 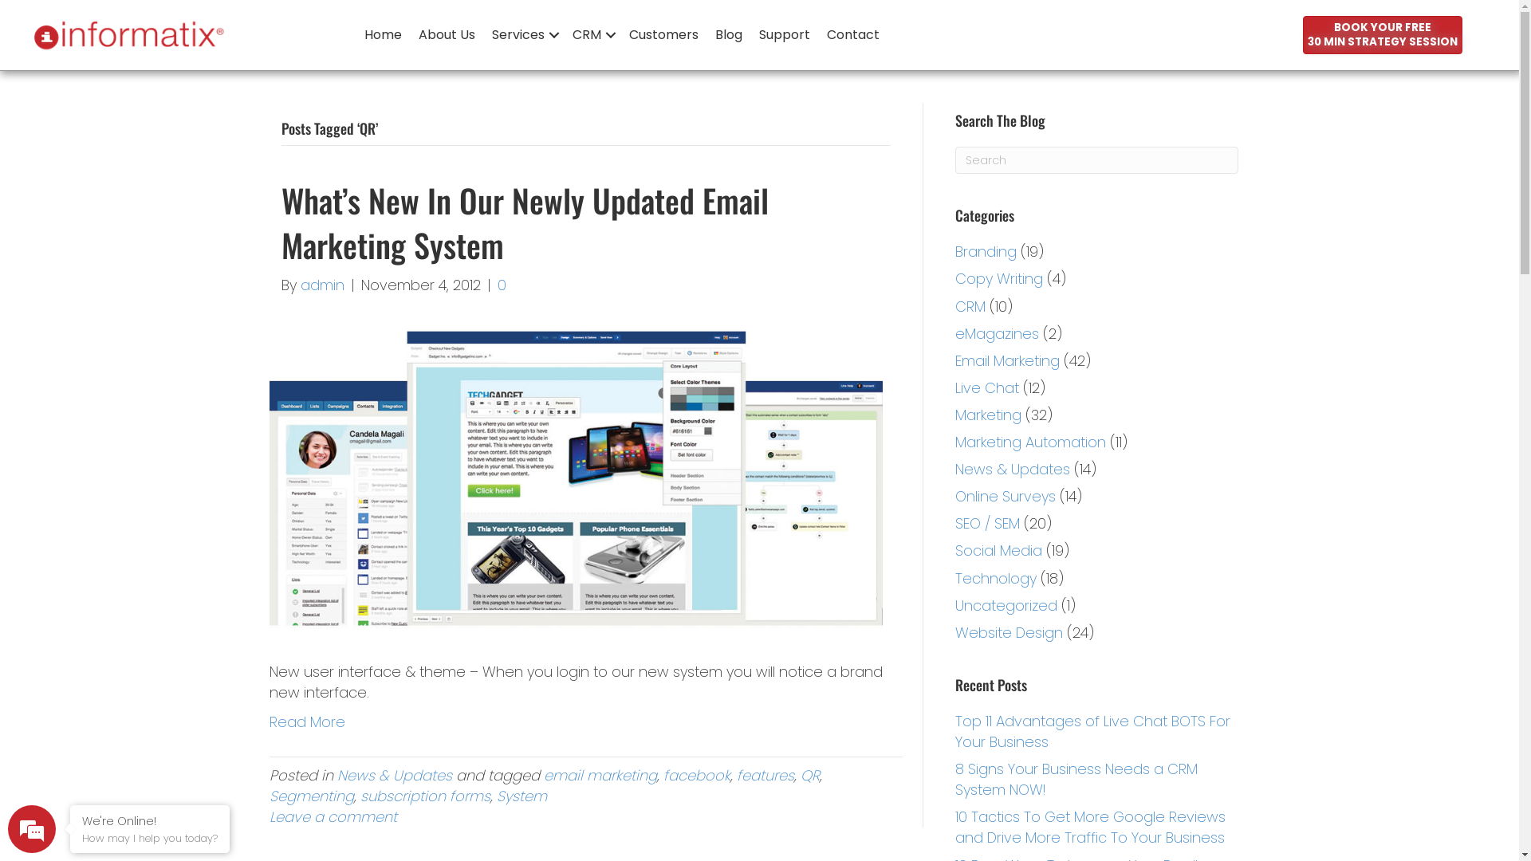 What do you see at coordinates (998, 277) in the screenshot?
I see `'Copy Writing'` at bounding box center [998, 277].